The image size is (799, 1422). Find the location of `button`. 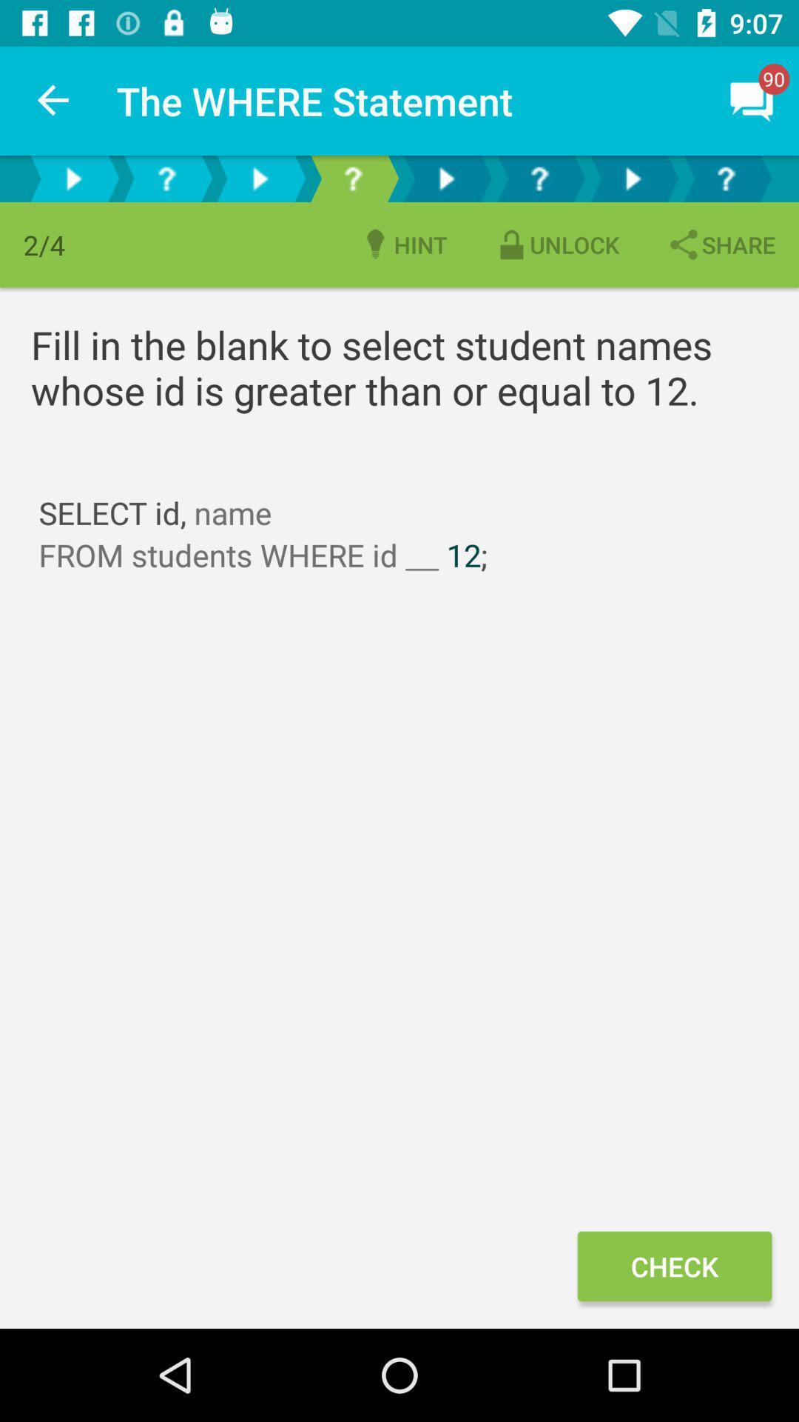

button is located at coordinates (445, 178).